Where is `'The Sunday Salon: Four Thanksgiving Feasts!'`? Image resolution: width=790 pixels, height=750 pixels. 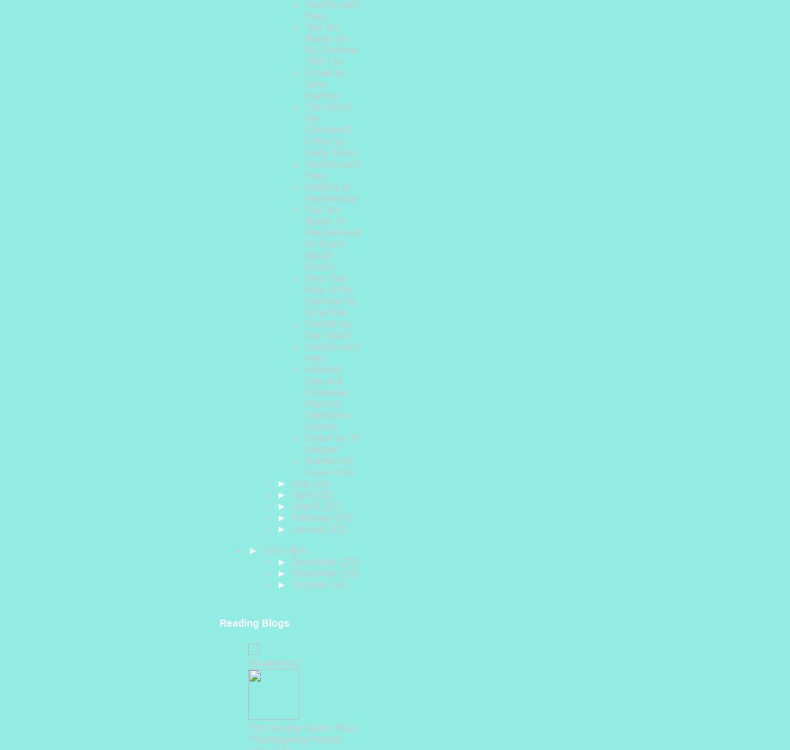
'The Sunday Salon: Four Thanksgiving Feasts!' is located at coordinates (247, 732).